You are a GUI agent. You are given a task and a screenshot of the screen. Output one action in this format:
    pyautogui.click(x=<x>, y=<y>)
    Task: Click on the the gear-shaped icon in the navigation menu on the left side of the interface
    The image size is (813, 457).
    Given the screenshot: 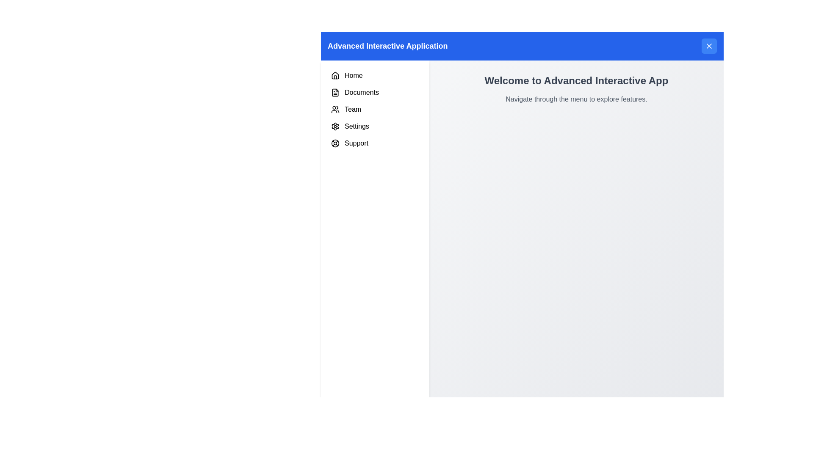 What is the action you would take?
    pyautogui.click(x=335, y=127)
    